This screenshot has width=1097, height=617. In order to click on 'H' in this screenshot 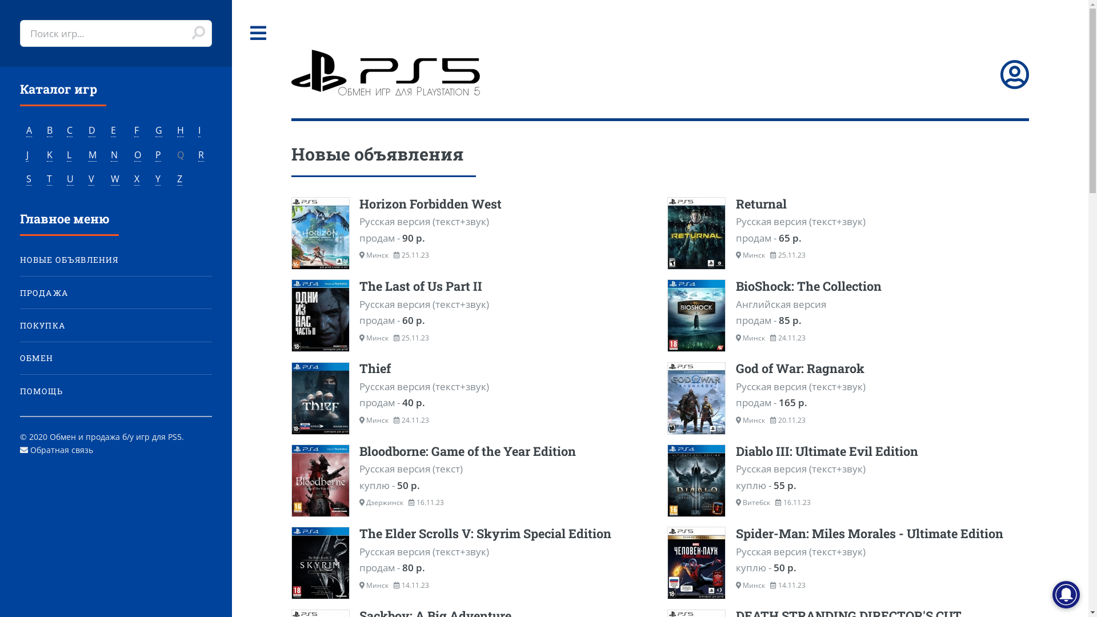, I will do `click(180, 130)`.